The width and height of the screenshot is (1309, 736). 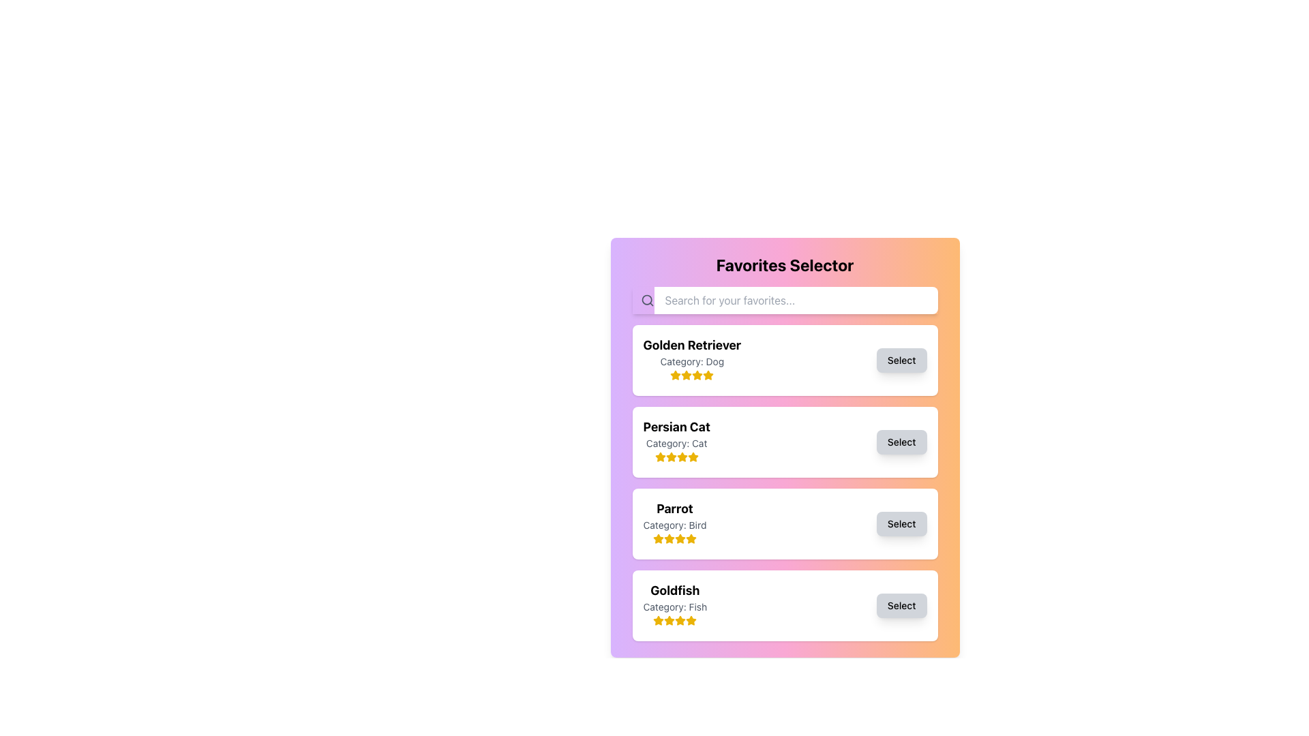 What do you see at coordinates (682, 457) in the screenshot?
I see `the fourth yellow star icon in the star rating indicator for the 'Persian Cat' to record a rating` at bounding box center [682, 457].